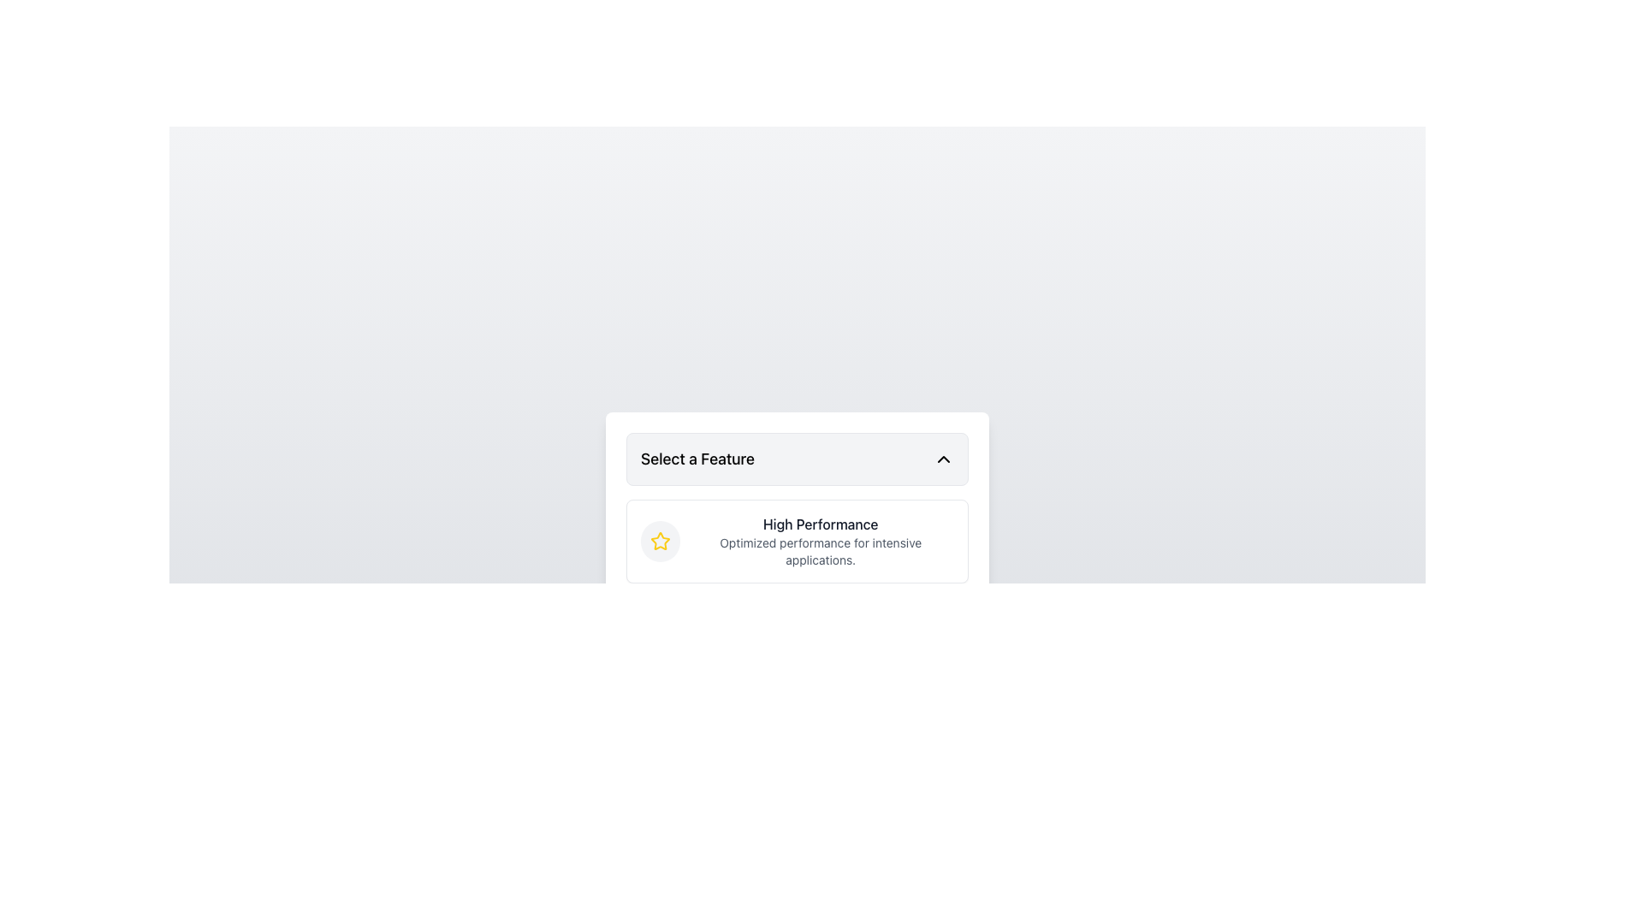  I want to click on the feature description element which consists of a yellow star icon followed by bold 'High Performance' text and smaller gray text 'Optimized performance for intensive applications', so click(796, 541).